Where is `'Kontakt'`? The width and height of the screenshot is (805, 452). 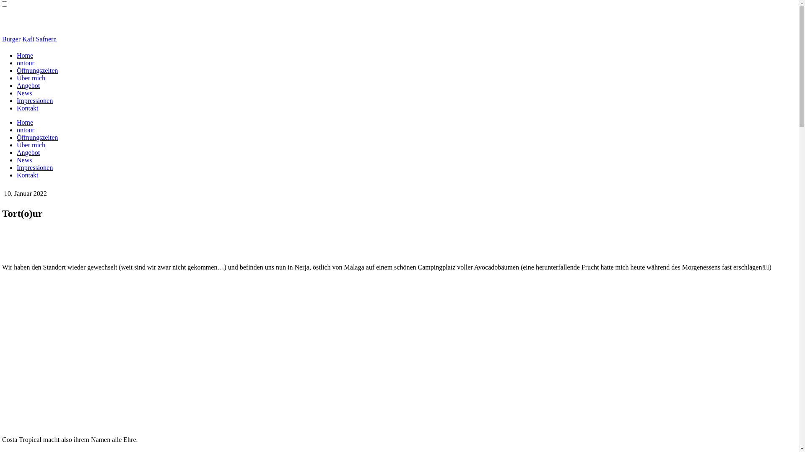
'Kontakt' is located at coordinates (28, 175).